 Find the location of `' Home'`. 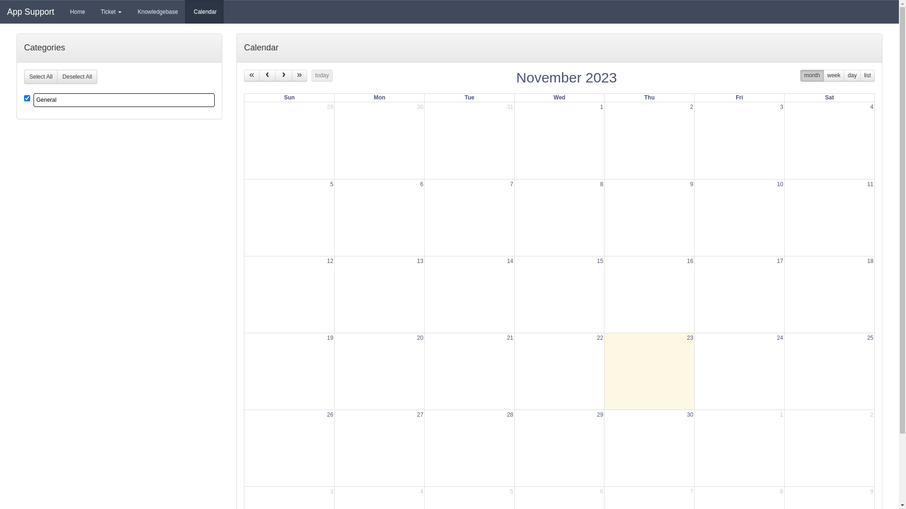

' Home' is located at coordinates (60, 11).